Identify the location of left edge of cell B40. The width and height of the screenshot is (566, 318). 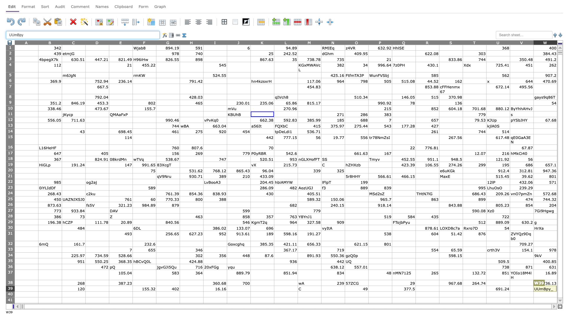
(38, 294).